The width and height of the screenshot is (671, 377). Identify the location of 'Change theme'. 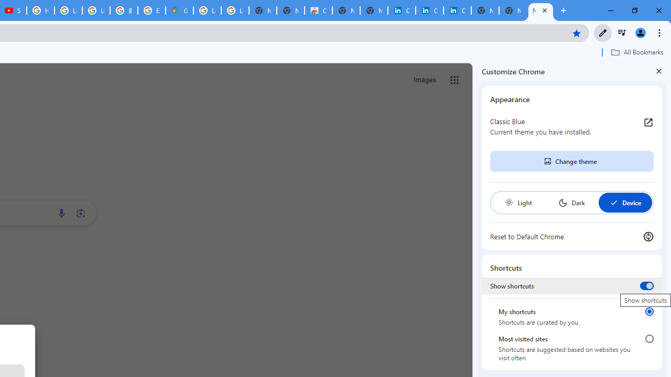
(571, 161).